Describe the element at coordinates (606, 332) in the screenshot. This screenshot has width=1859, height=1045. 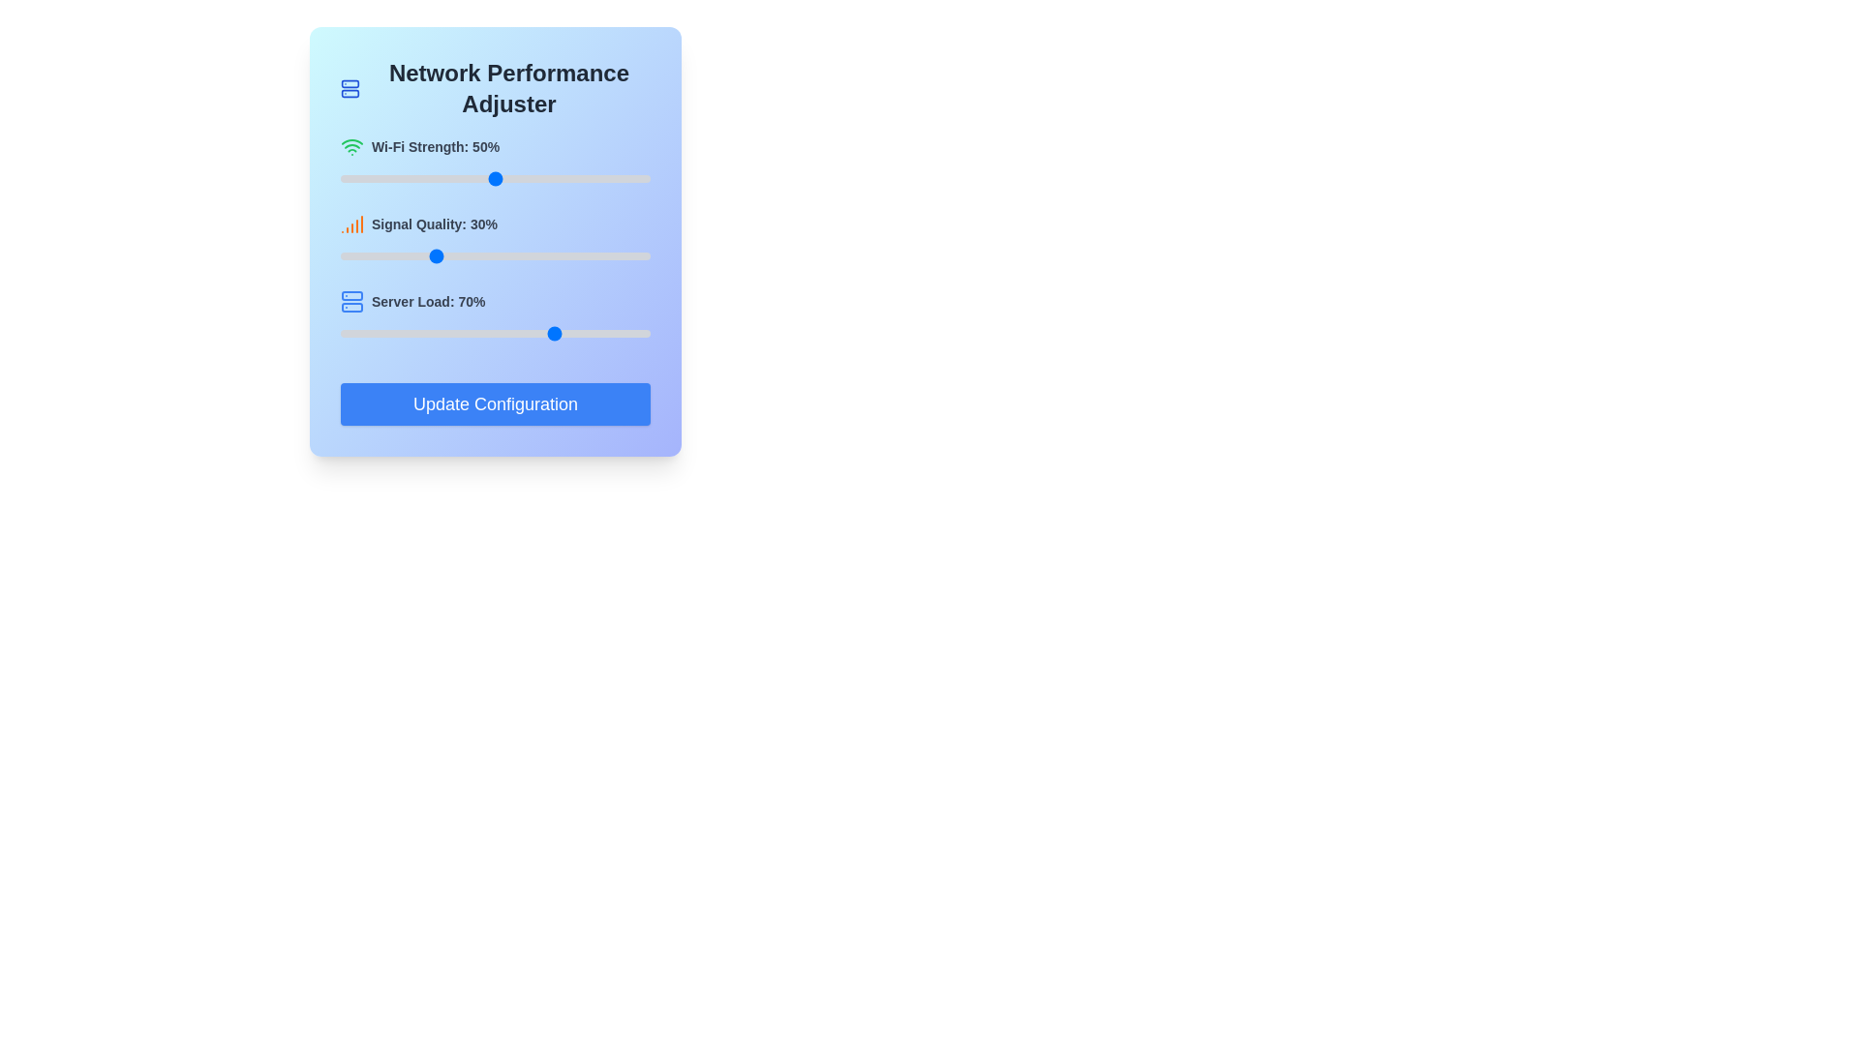
I see `the server load slider` at that location.